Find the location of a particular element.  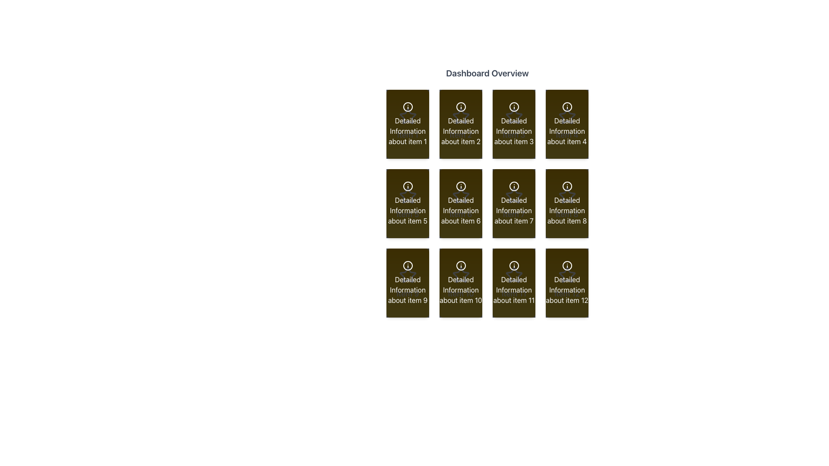

text label that identifies the content or purpose of the card located in the second row, first column of a four-by-three grid layout is located at coordinates (407, 214).